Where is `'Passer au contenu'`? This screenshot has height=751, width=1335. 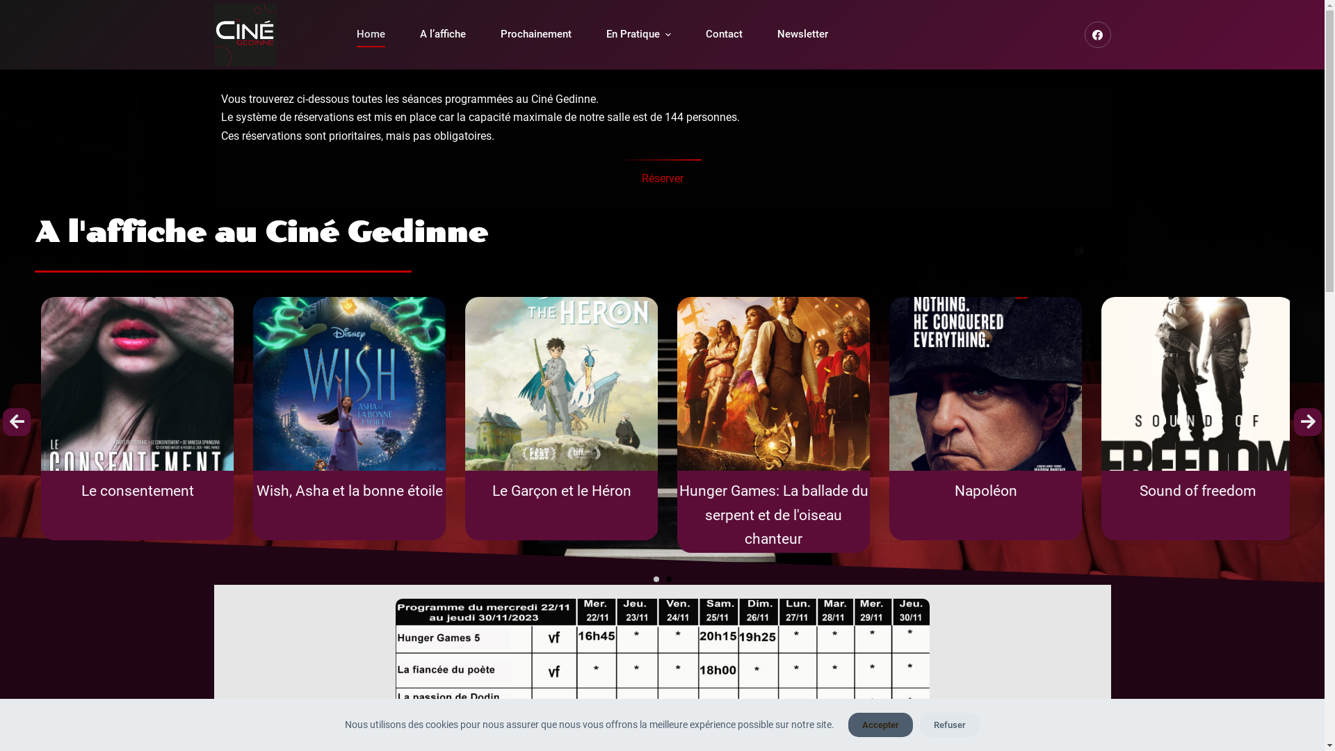
'Passer au contenu' is located at coordinates (13, 7).